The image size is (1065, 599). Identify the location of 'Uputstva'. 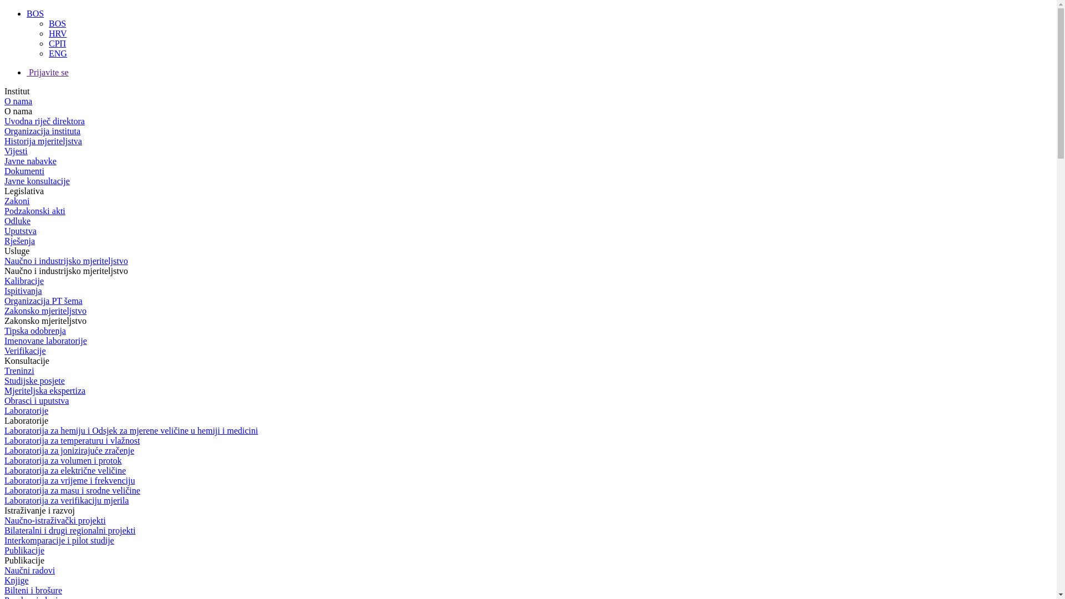
(4, 230).